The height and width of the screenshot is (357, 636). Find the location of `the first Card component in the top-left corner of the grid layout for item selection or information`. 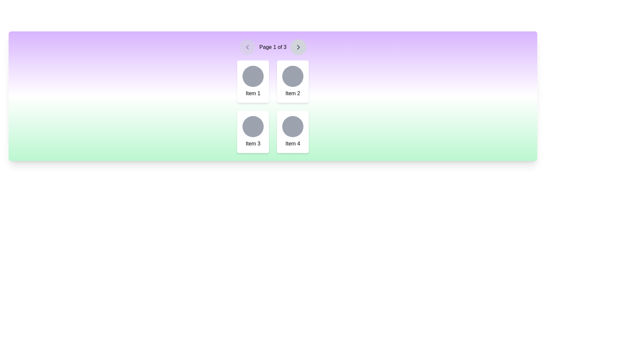

the first Card component in the top-left corner of the grid layout for item selection or information is located at coordinates (252, 81).